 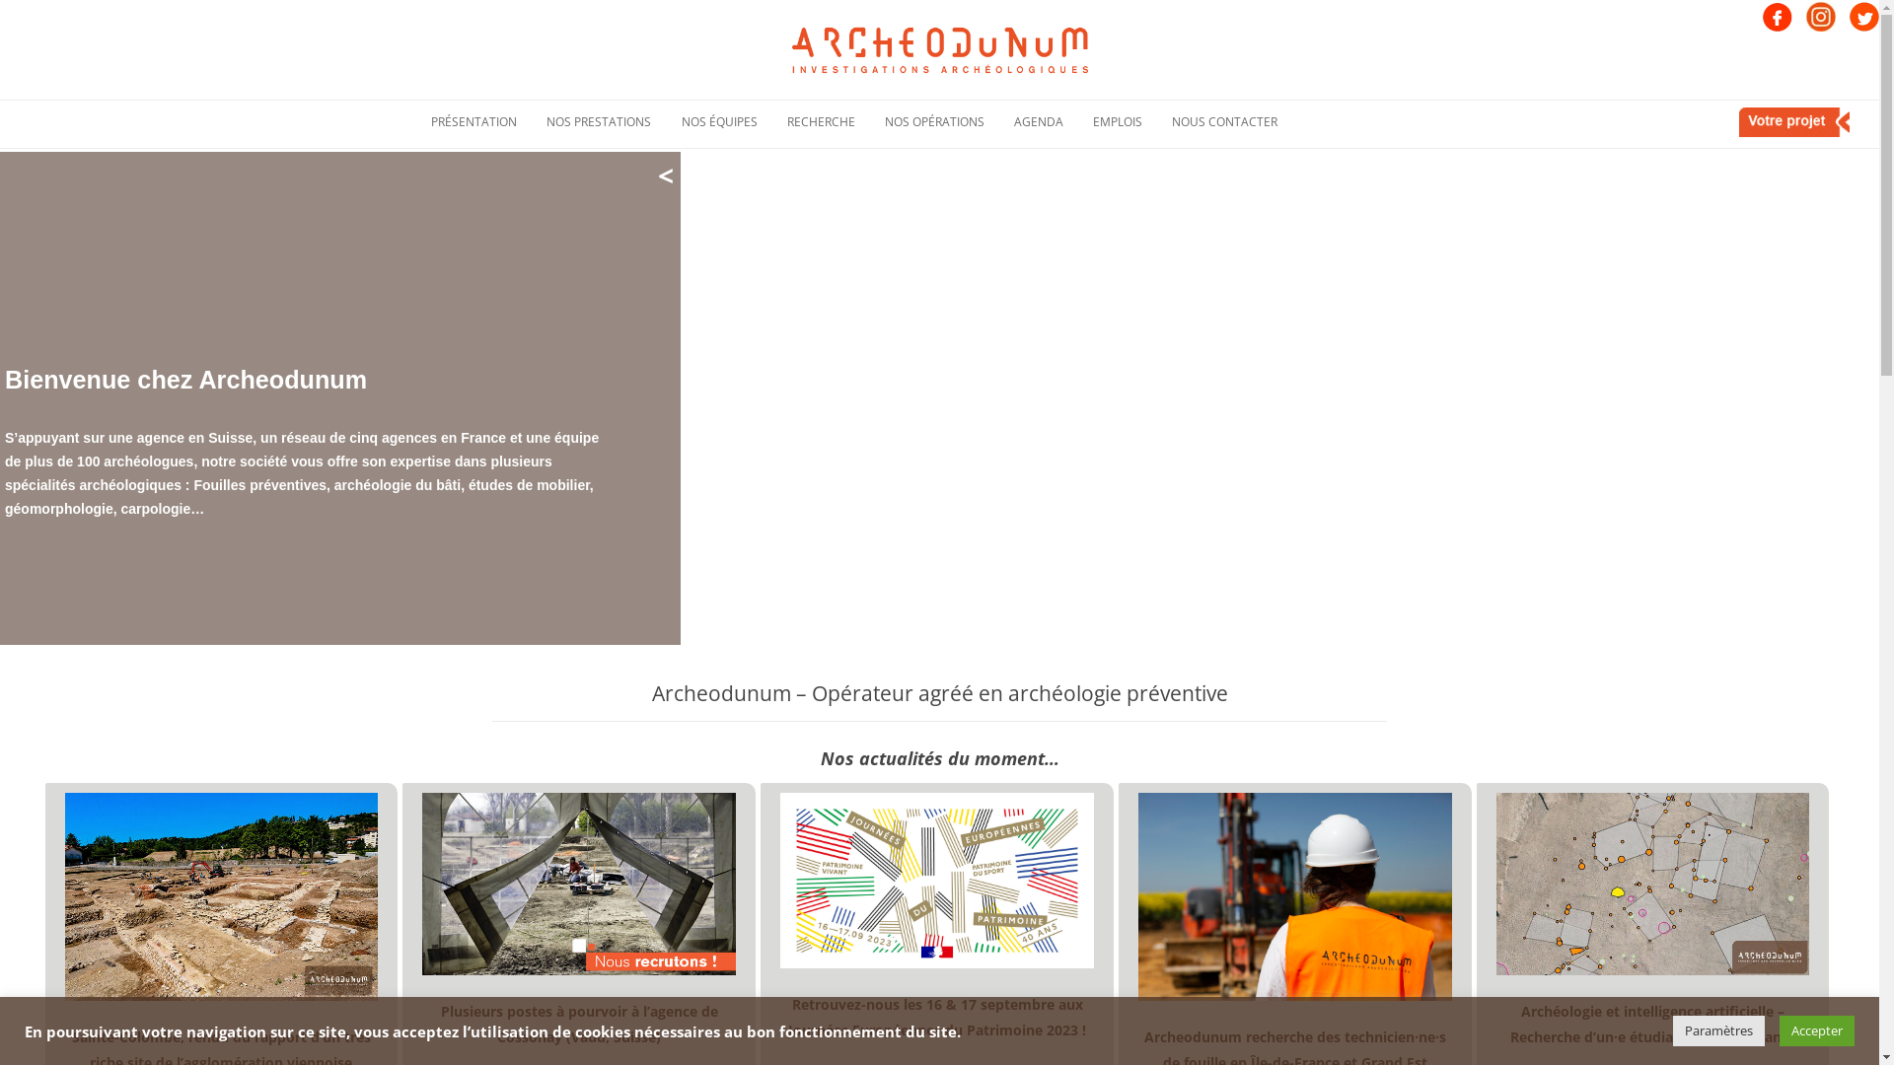 What do you see at coordinates (1092, 121) in the screenshot?
I see `'EMPLOIS'` at bounding box center [1092, 121].